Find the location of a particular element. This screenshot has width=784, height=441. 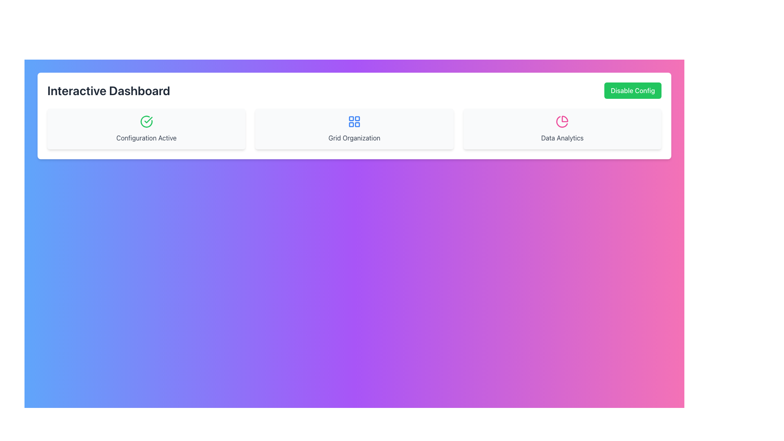

the green rectangular button labeled 'Disable Config' located at the top-right corner of the main interface is located at coordinates (633, 91).